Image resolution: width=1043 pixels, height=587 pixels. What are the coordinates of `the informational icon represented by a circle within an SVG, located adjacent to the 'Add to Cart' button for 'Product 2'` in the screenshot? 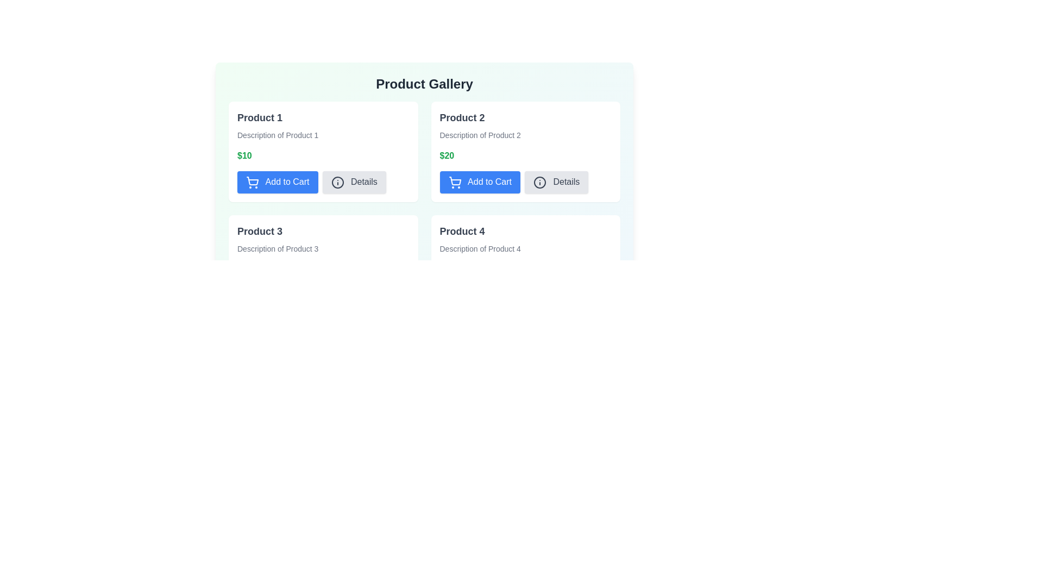 It's located at (539, 182).